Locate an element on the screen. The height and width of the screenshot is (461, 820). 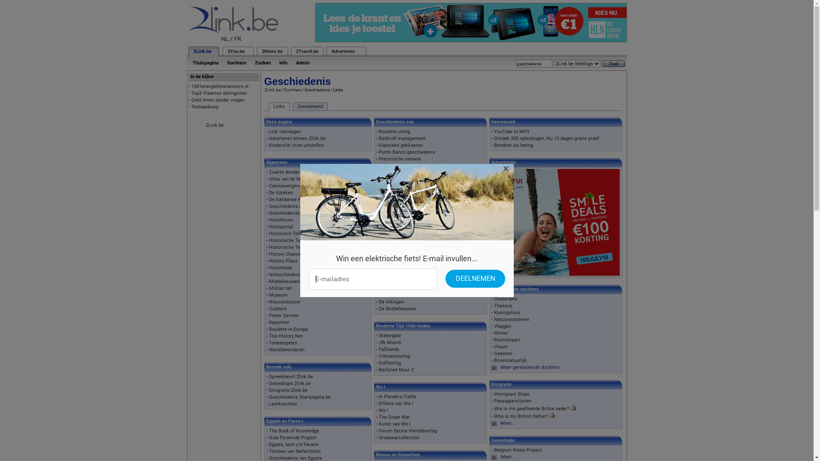
'Kunst van Wo I' is located at coordinates (394, 424).